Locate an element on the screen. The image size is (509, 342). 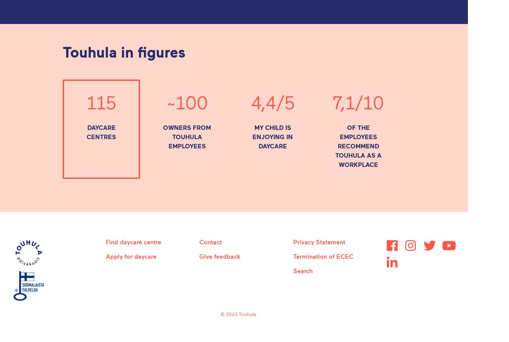
'© 2023 Touhula' is located at coordinates (220, 314).